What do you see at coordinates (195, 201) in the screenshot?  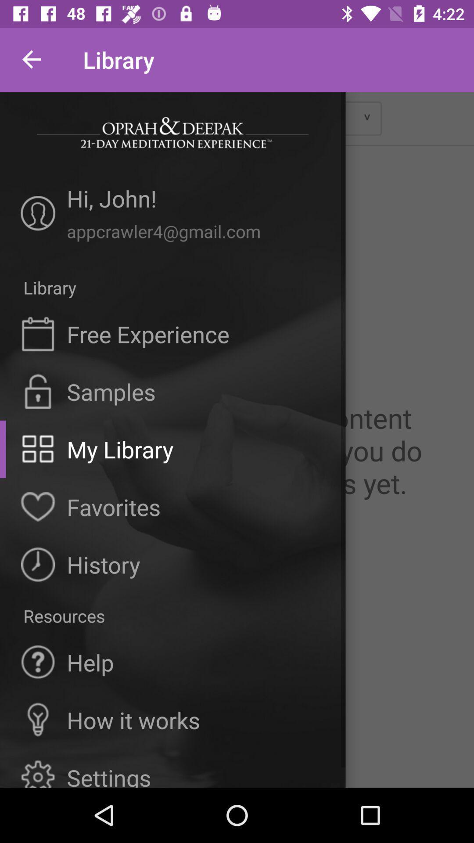 I see `the icon above the appcrawler4@gmail.com item` at bounding box center [195, 201].